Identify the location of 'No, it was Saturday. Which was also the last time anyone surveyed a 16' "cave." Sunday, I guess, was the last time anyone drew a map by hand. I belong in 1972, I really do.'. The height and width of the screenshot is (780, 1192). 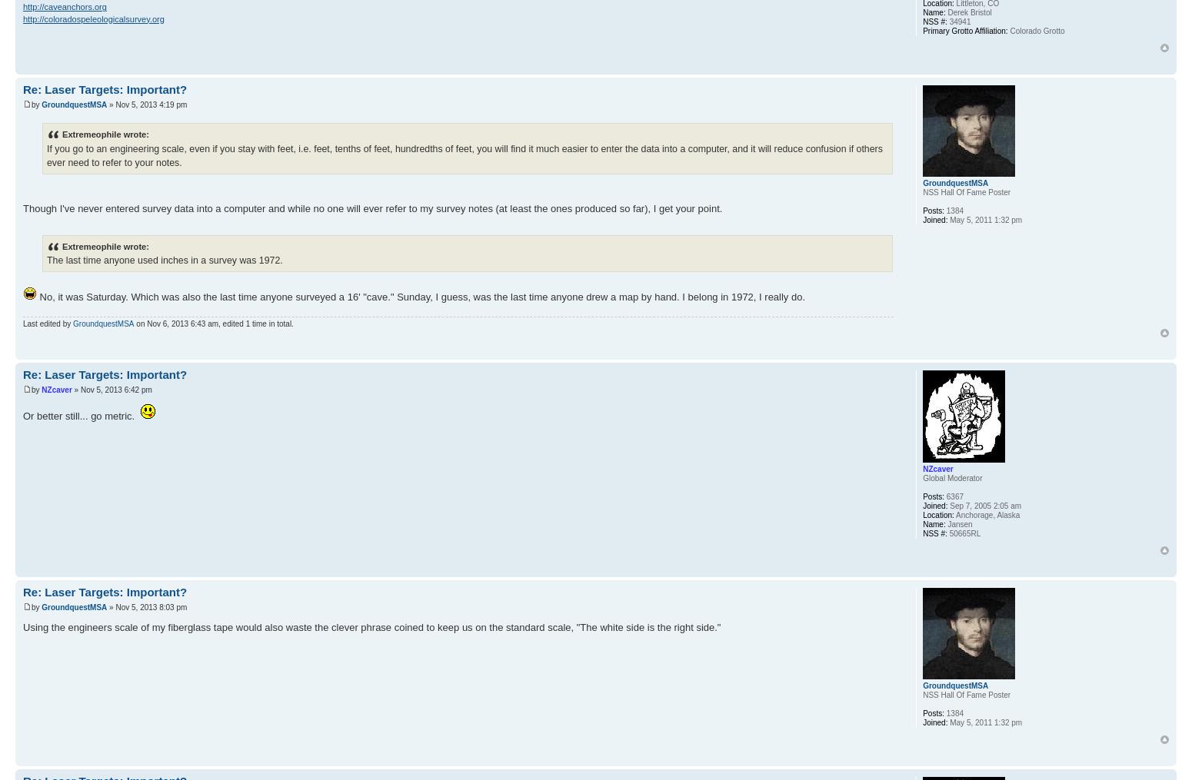
(421, 296).